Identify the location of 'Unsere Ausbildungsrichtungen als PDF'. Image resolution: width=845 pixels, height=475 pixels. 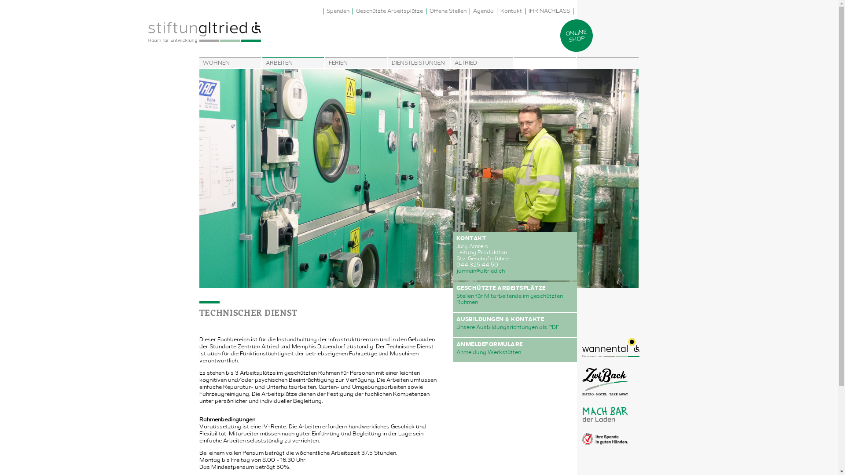
(507, 327).